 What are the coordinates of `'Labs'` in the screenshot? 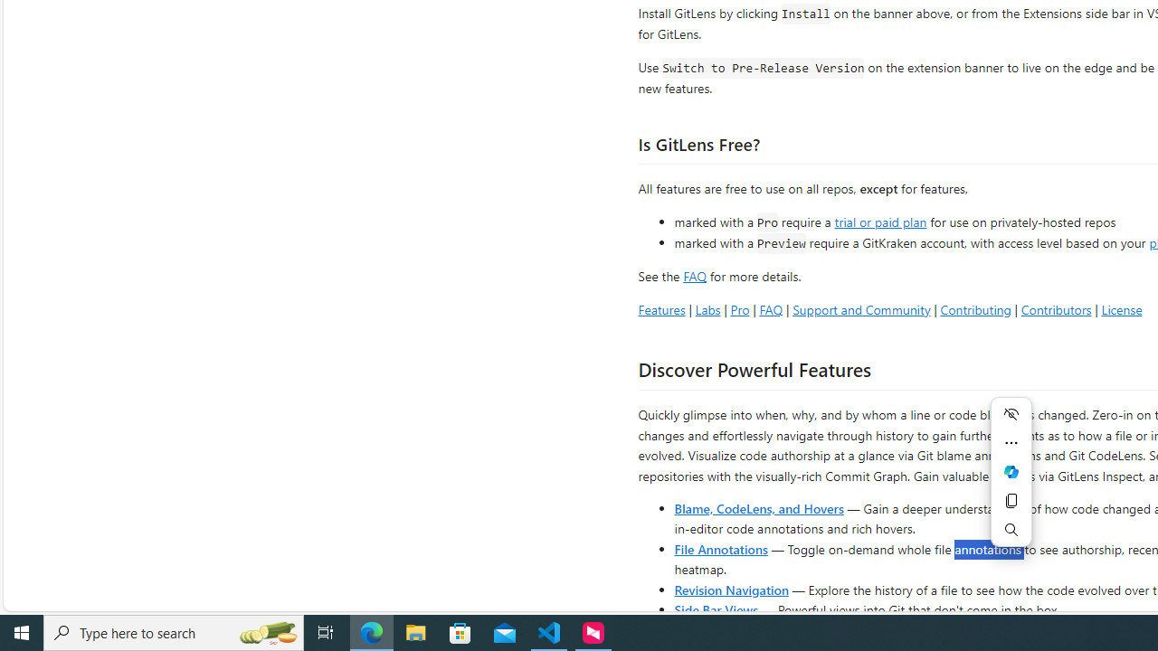 It's located at (707, 308).